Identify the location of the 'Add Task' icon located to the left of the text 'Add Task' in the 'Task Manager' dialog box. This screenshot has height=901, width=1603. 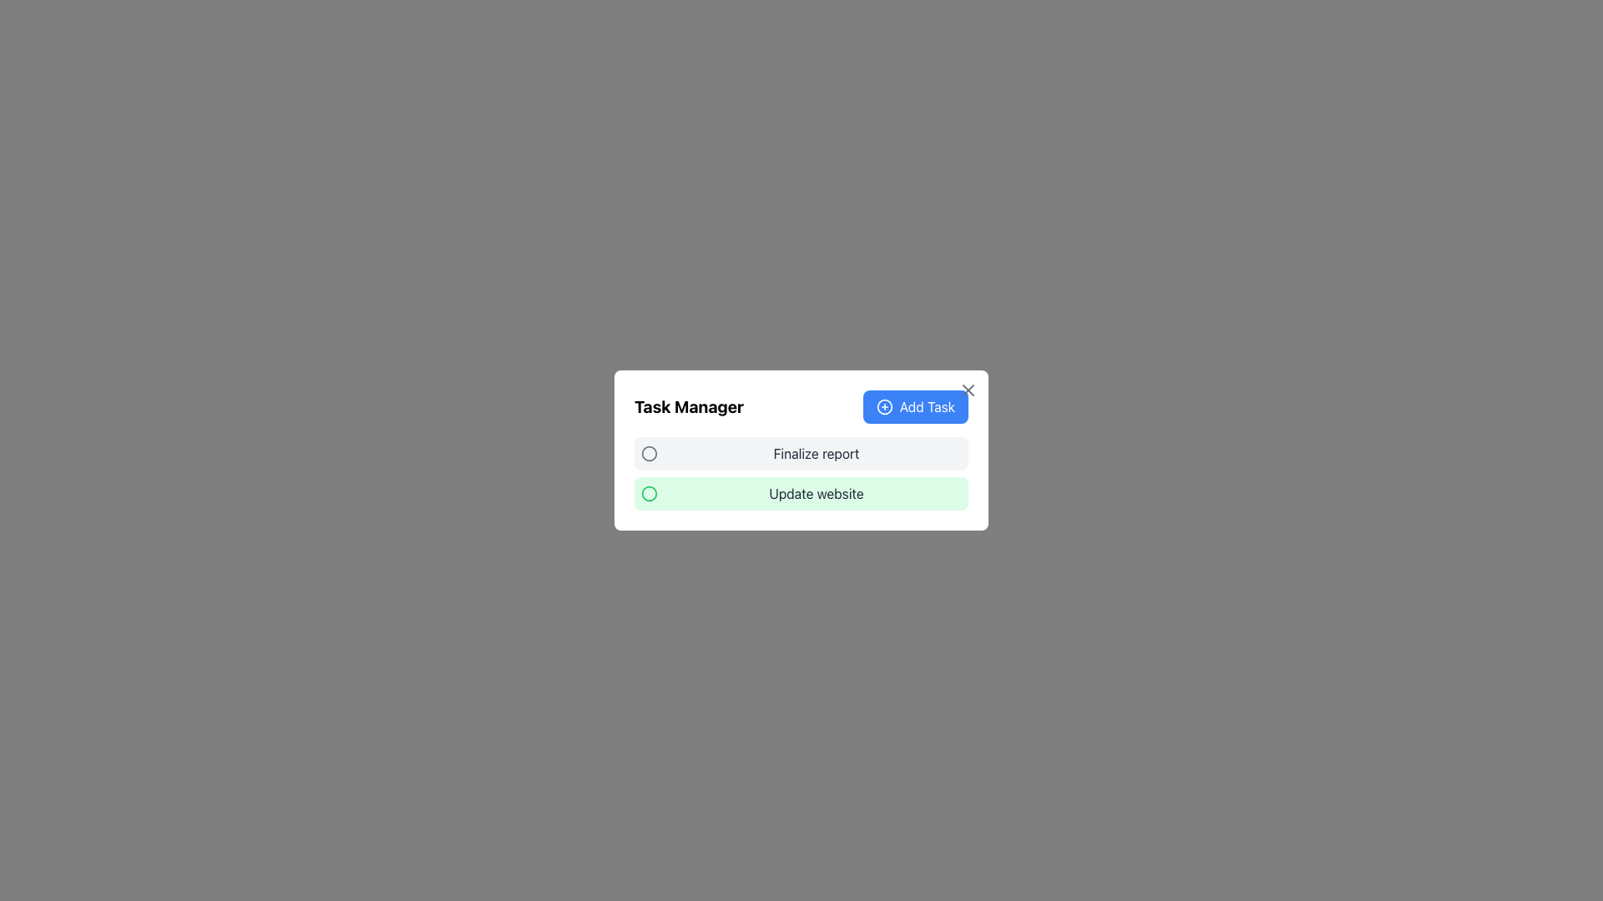
(883, 407).